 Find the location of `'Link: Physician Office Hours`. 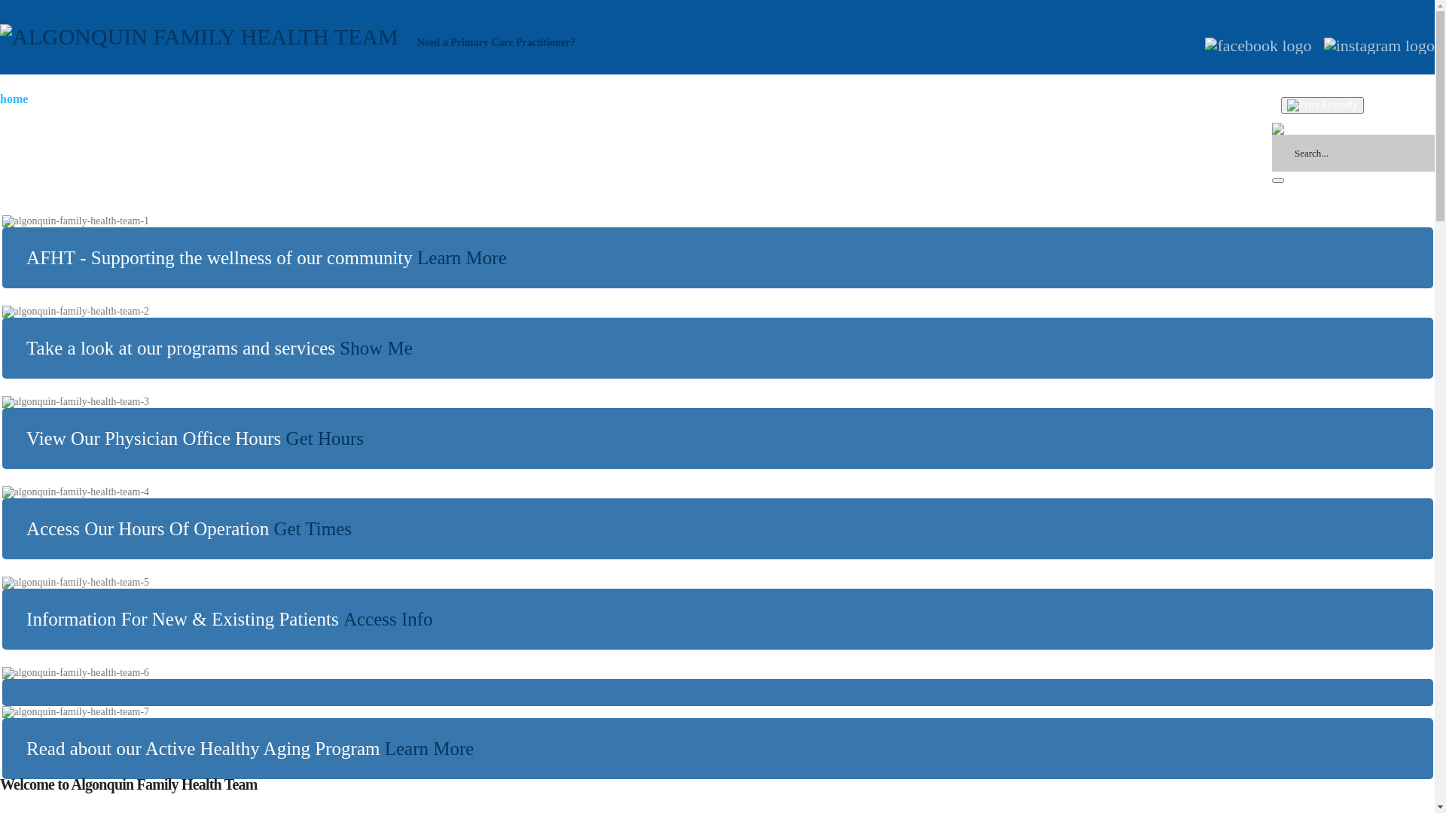

'Link: Physician Office Hours is located at coordinates (324, 438).